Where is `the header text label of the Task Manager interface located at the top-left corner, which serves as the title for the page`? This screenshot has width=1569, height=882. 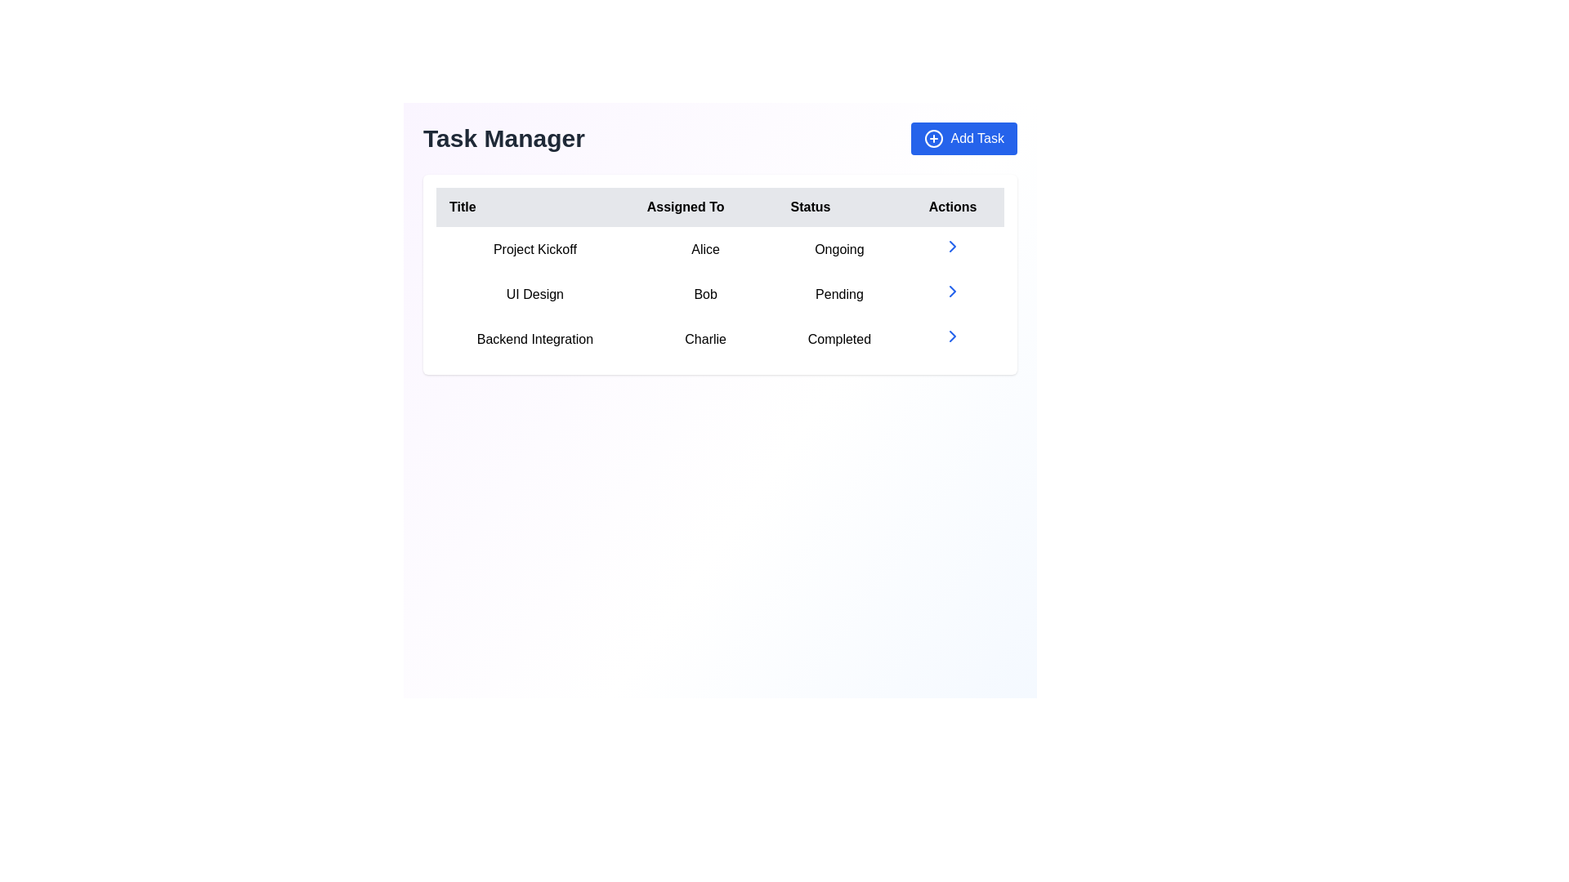 the header text label of the Task Manager interface located at the top-left corner, which serves as the title for the page is located at coordinates (503, 137).